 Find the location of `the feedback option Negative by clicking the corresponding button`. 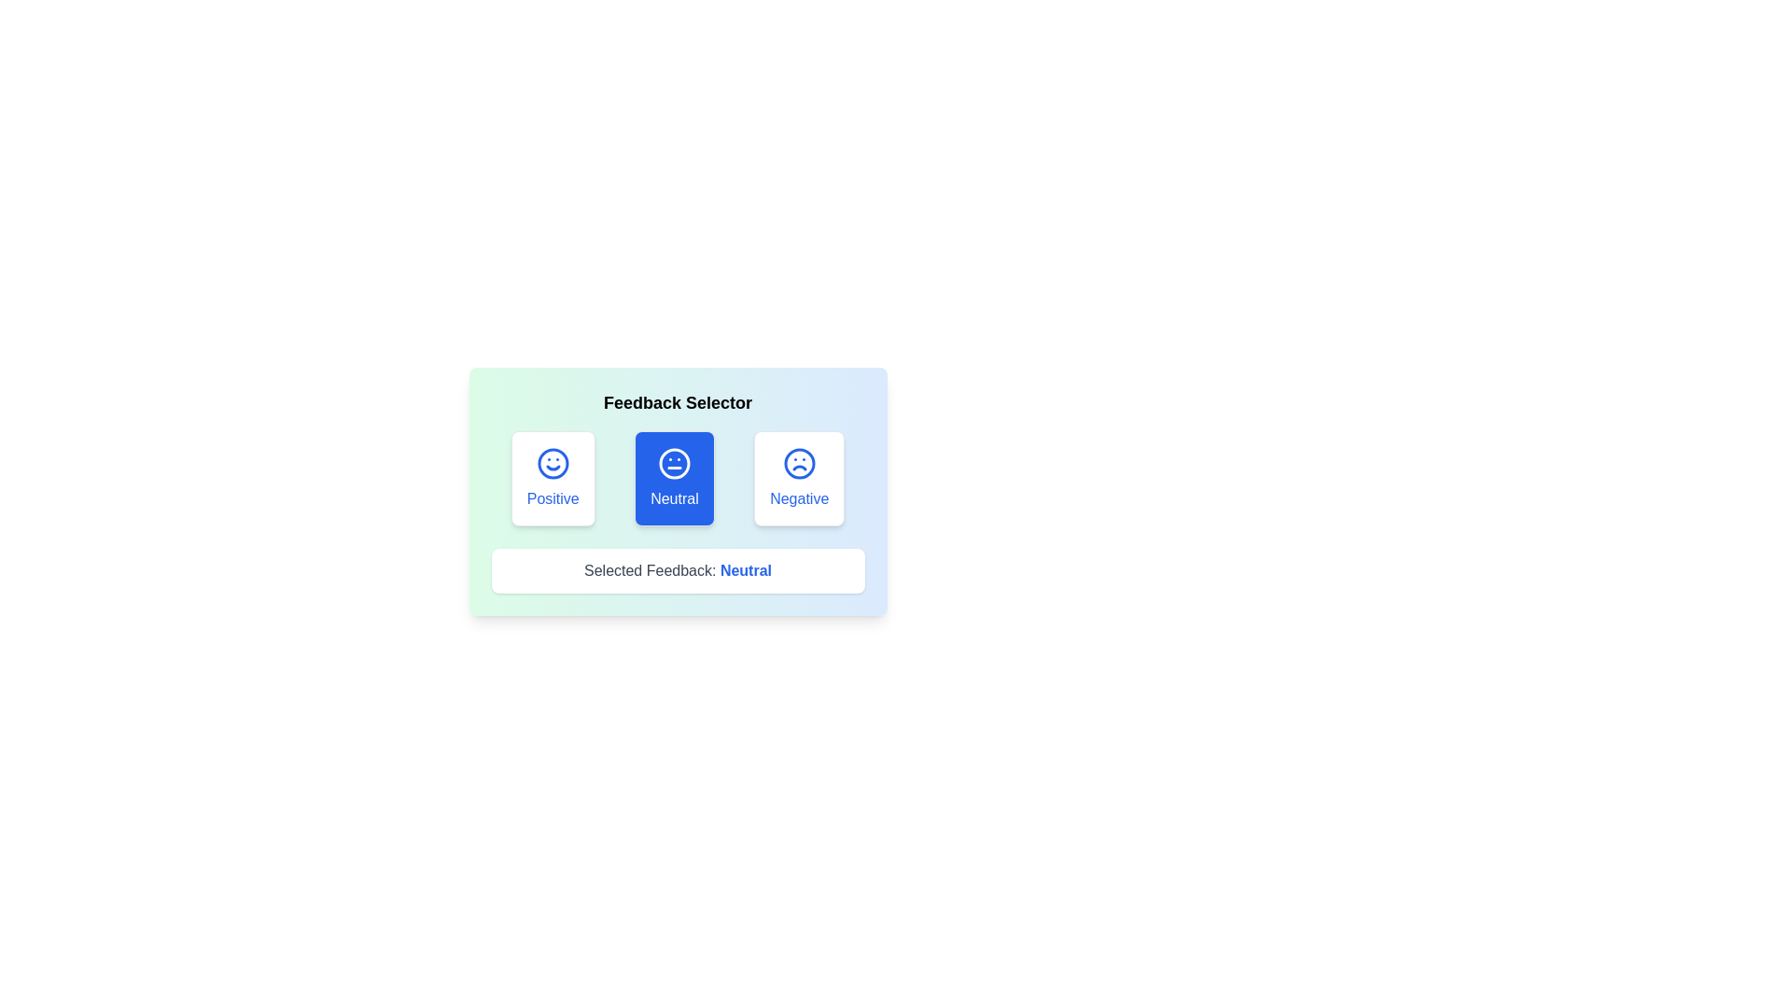

the feedback option Negative by clicking the corresponding button is located at coordinates (800, 478).